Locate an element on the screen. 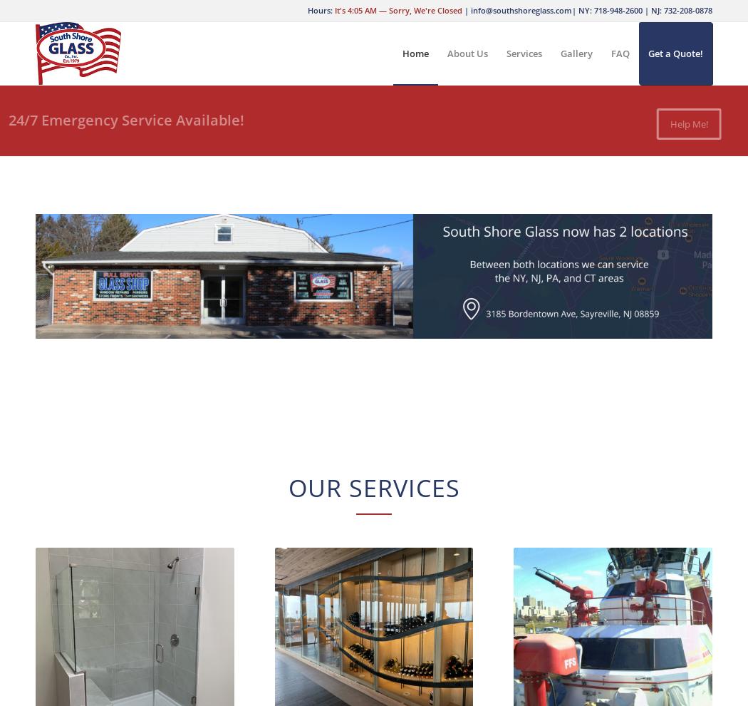  'info@southshoreglass.com' is located at coordinates (469, 9).